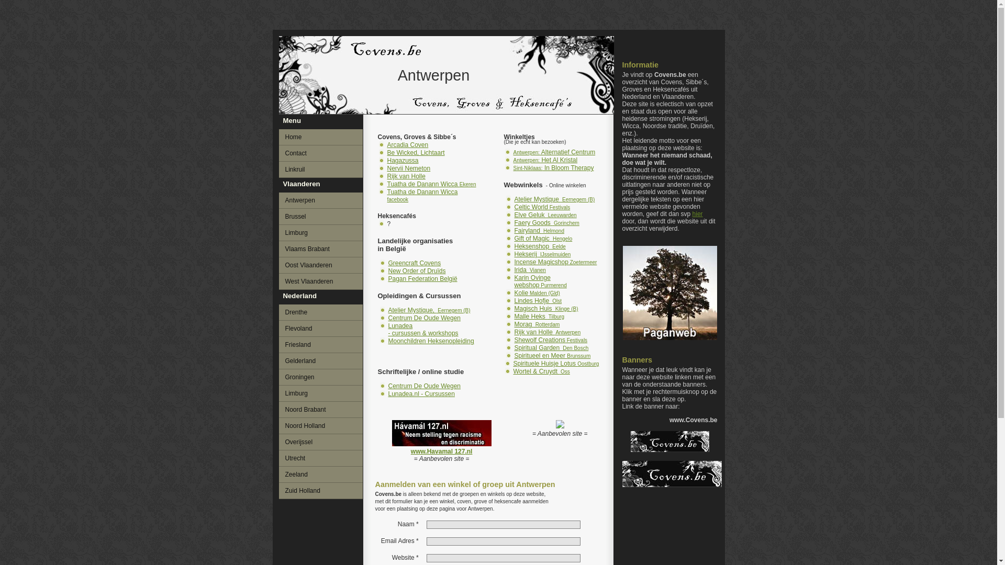 Image resolution: width=1005 pixels, height=565 pixels. What do you see at coordinates (386, 161) in the screenshot?
I see `'Hagazussa'` at bounding box center [386, 161].